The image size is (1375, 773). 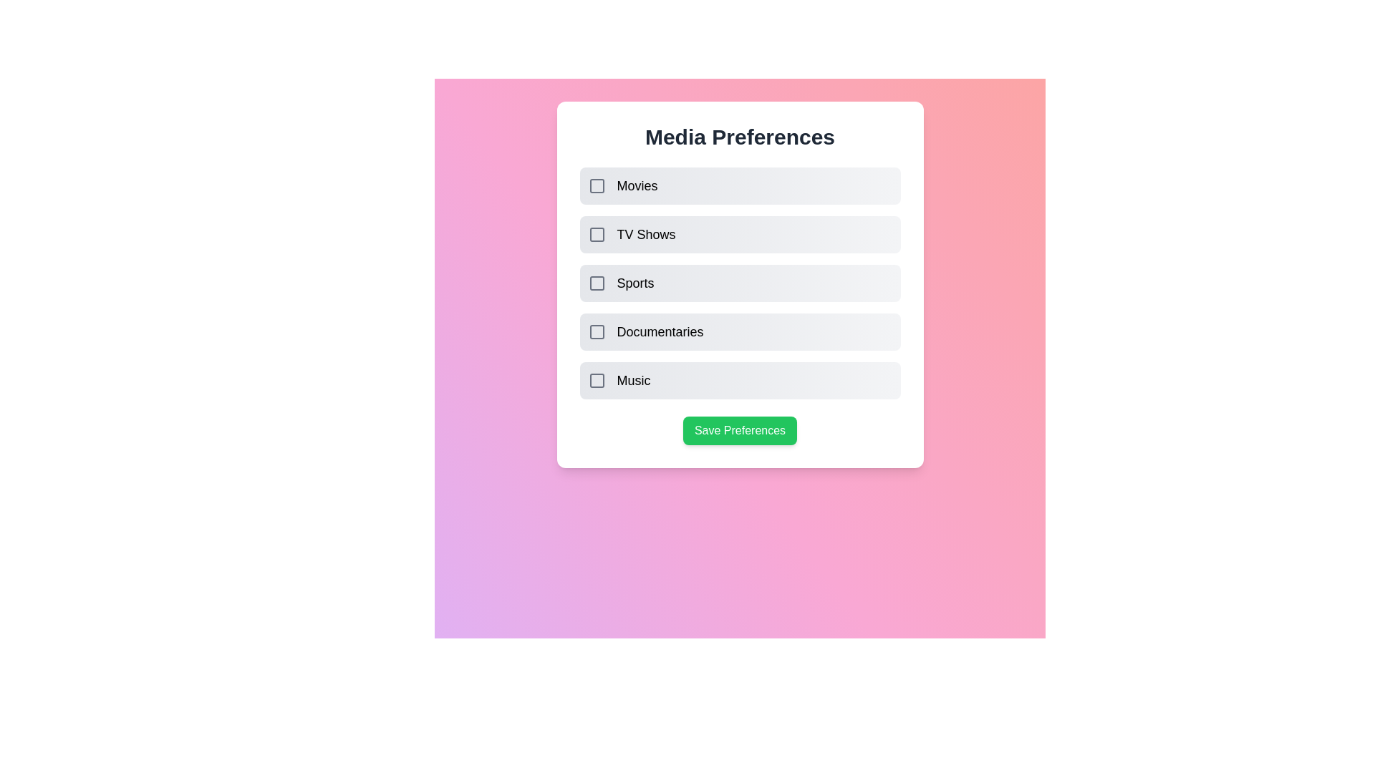 I want to click on the media preference item TV Shows, so click(x=597, y=233).